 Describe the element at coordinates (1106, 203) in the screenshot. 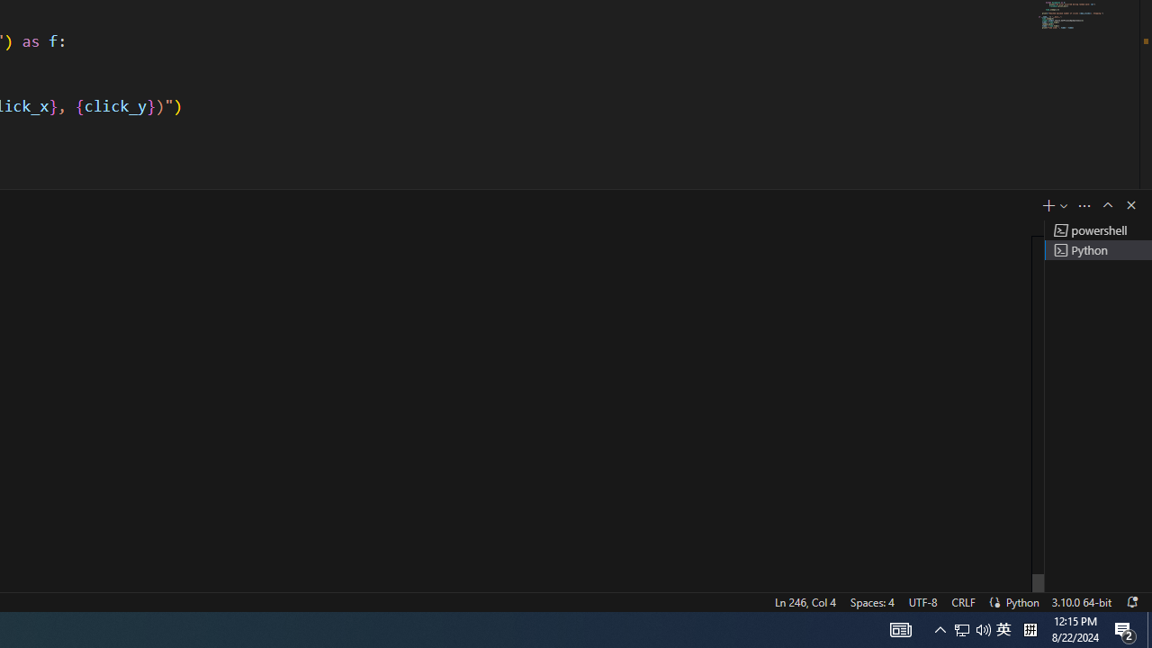

I see `'Maximize Panel Size'` at that location.